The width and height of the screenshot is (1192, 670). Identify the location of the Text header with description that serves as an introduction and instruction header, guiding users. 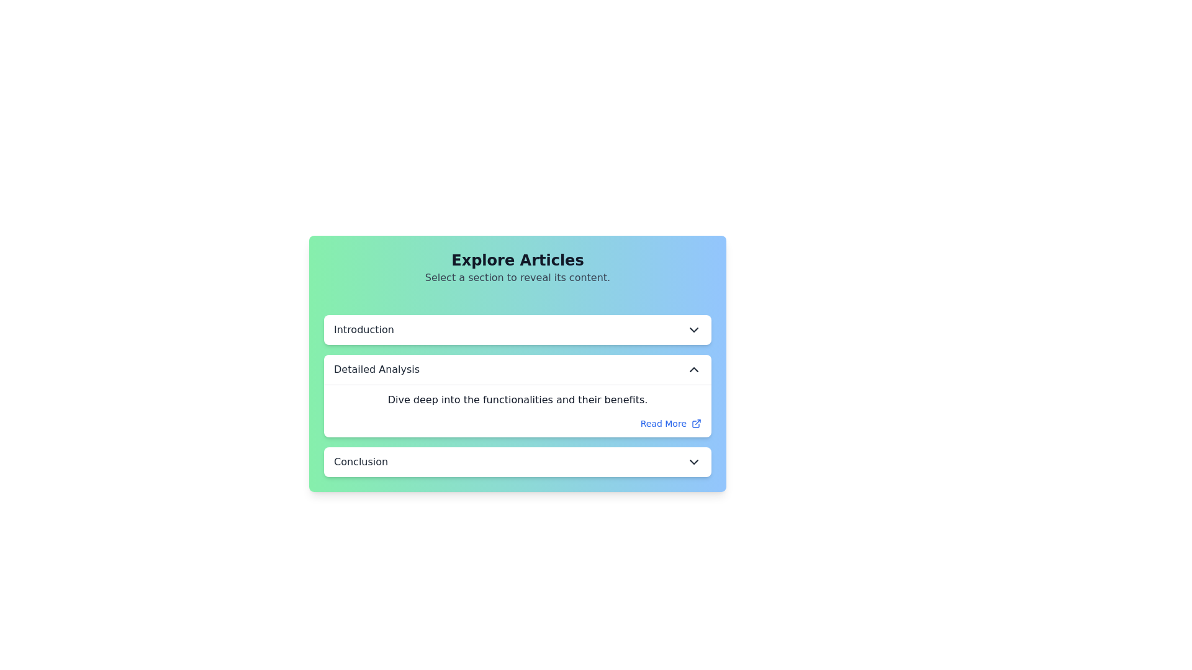
(518, 267).